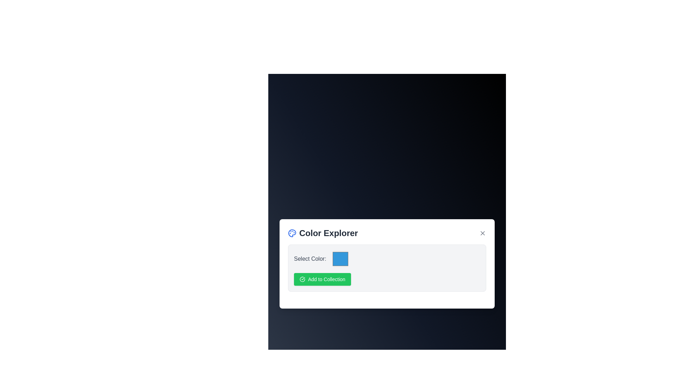 This screenshot has height=380, width=676. Describe the element at coordinates (310, 259) in the screenshot. I see `text 'Select Color:' from the label positioned to the left of the color picker component to understand the adjacent control's purpose` at that location.